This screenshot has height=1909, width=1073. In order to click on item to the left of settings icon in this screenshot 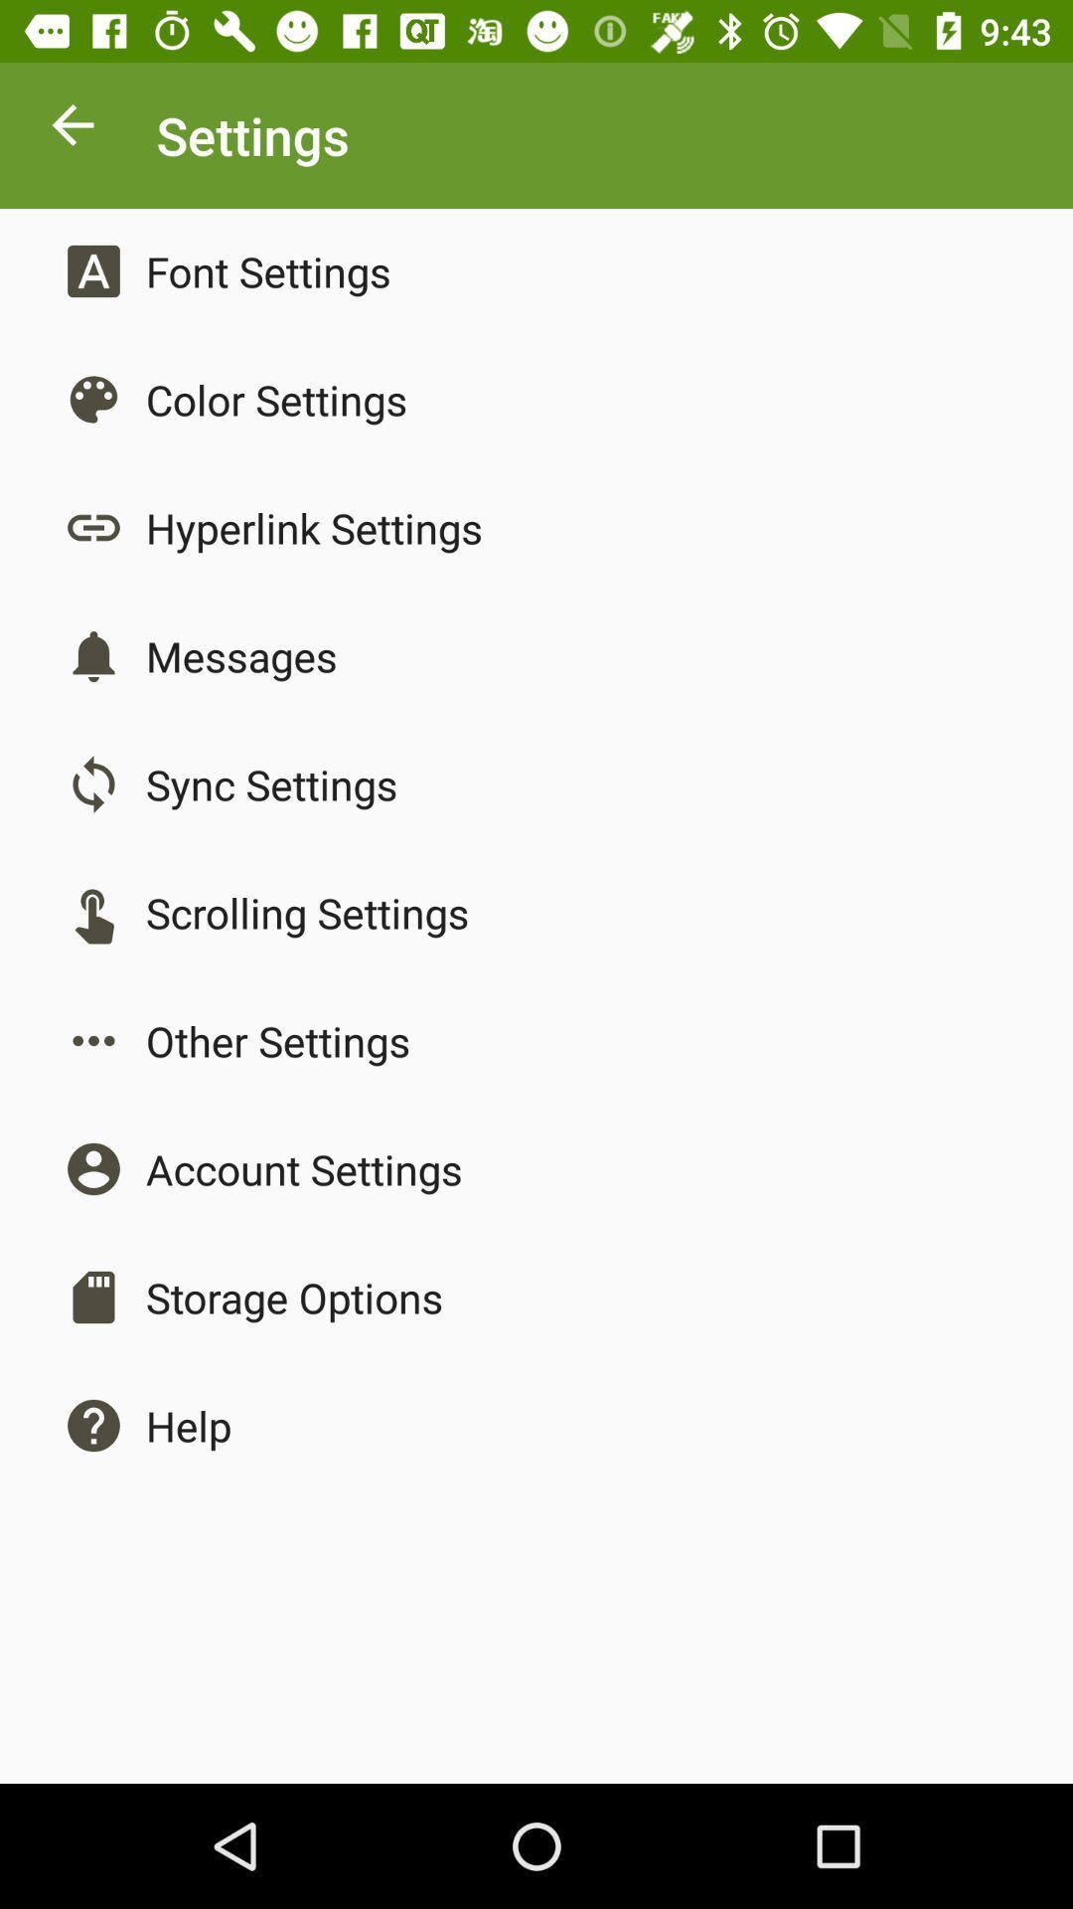, I will do `click(72, 129)`.